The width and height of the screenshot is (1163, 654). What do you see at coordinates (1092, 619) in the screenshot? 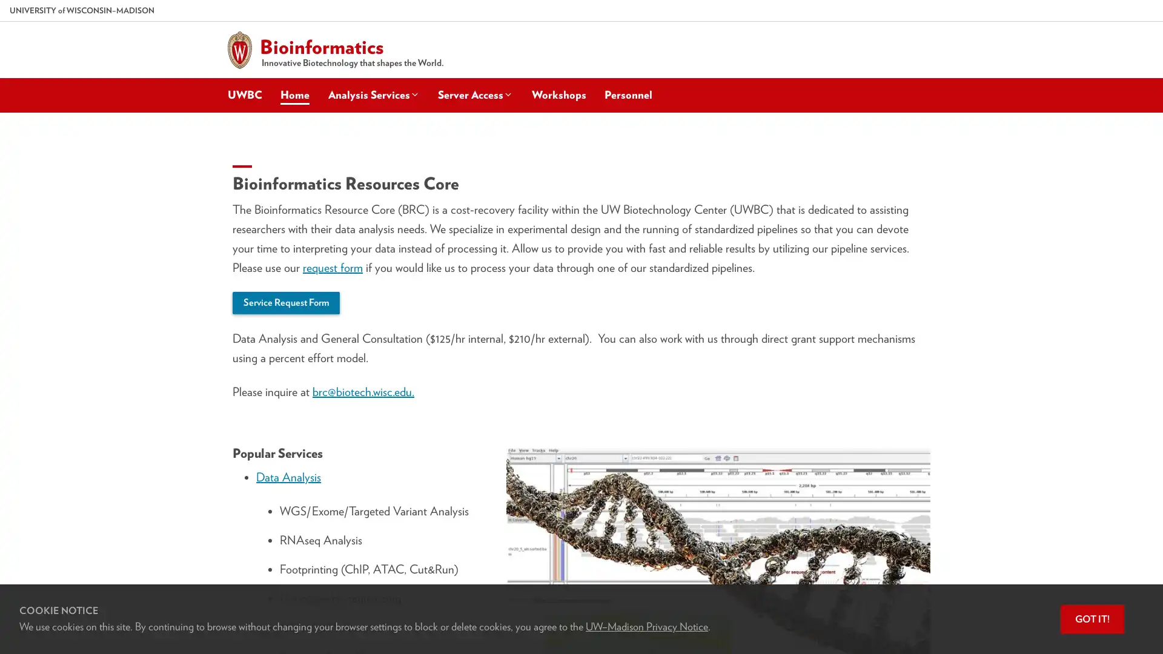
I see `Accept cookie notice` at bounding box center [1092, 619].